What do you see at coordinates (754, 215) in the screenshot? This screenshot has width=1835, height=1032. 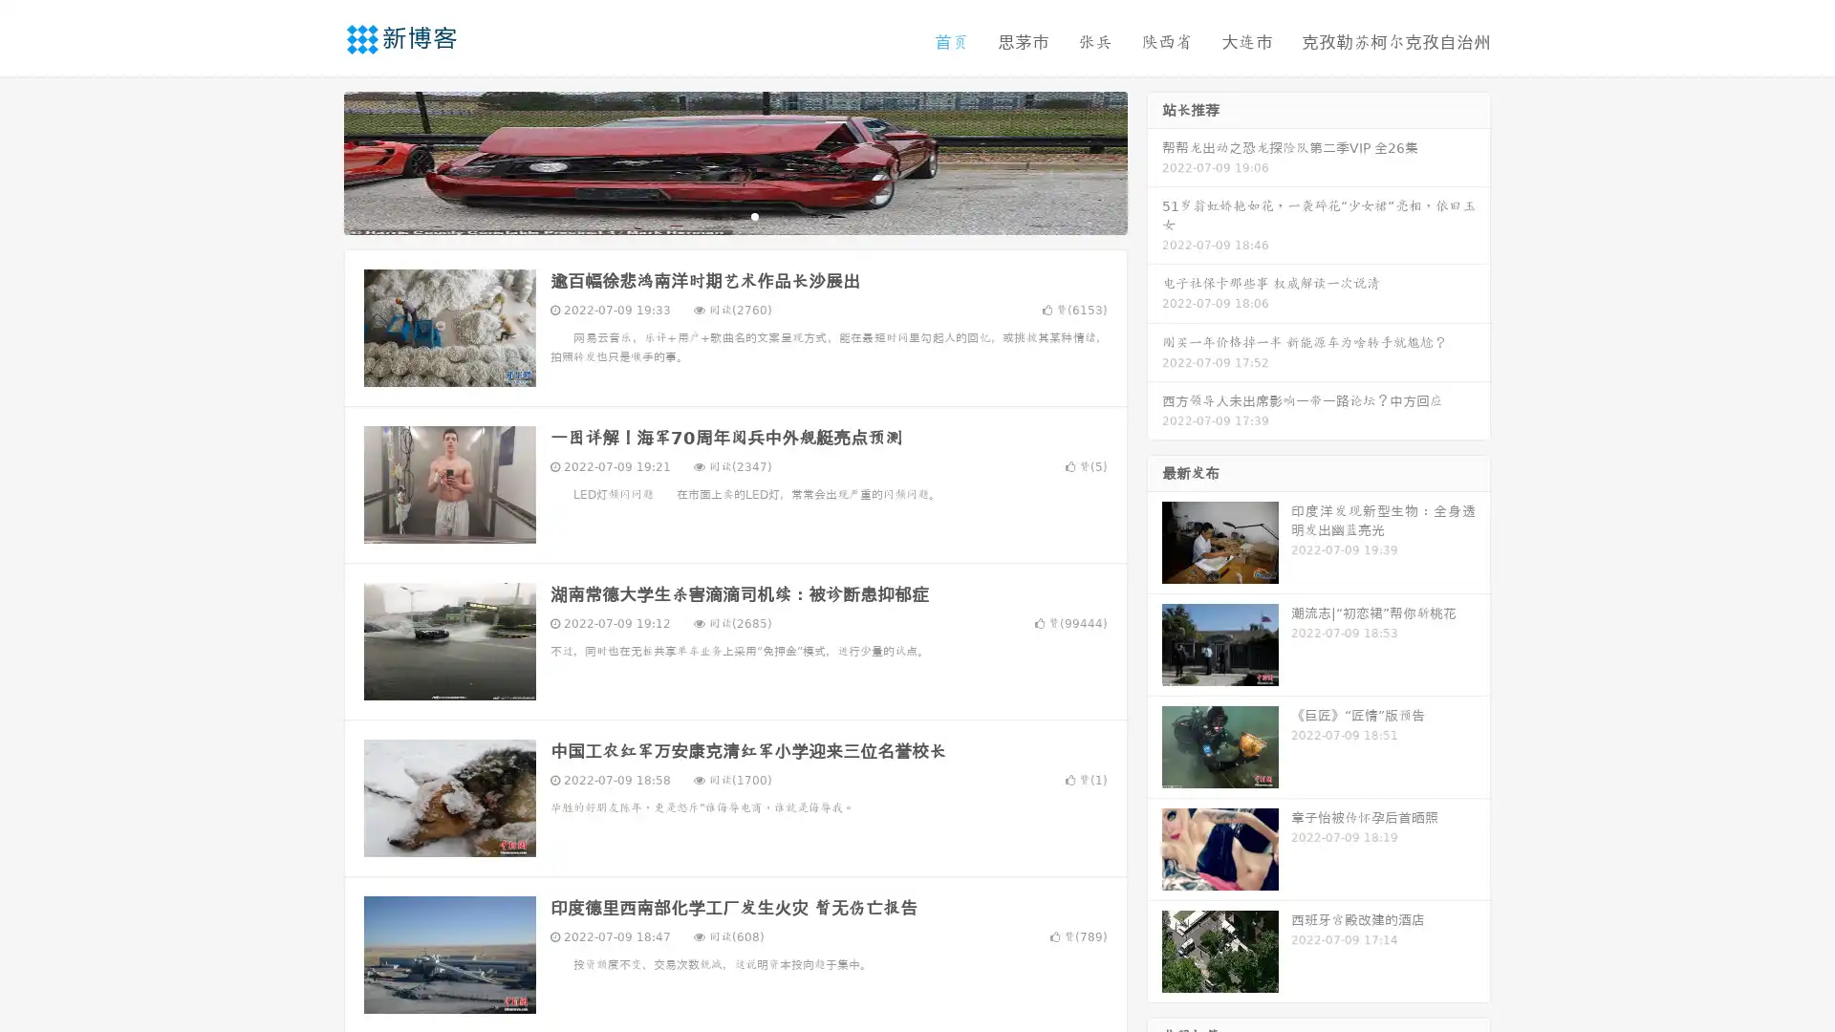 I see `Go to slide 3` at bounding box center [754, 215].